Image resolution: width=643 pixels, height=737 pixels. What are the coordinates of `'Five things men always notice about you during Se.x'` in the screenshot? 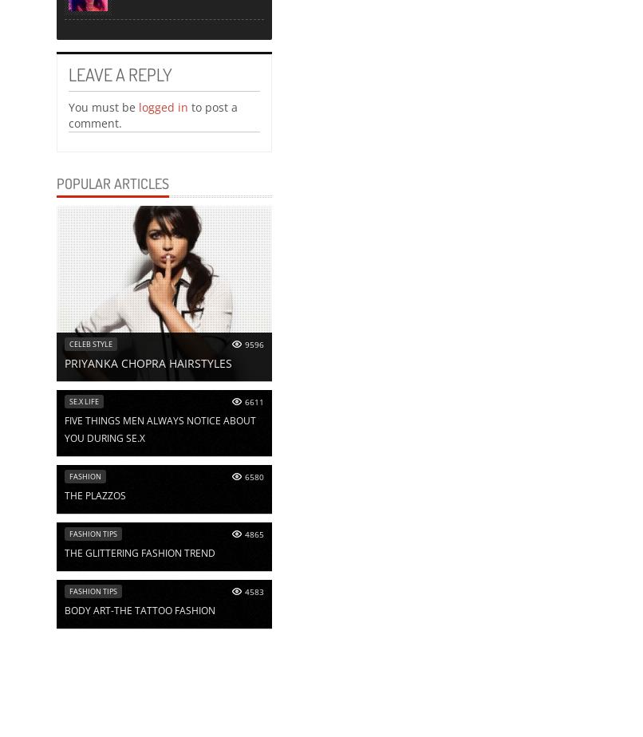 It's located at (160, 429).